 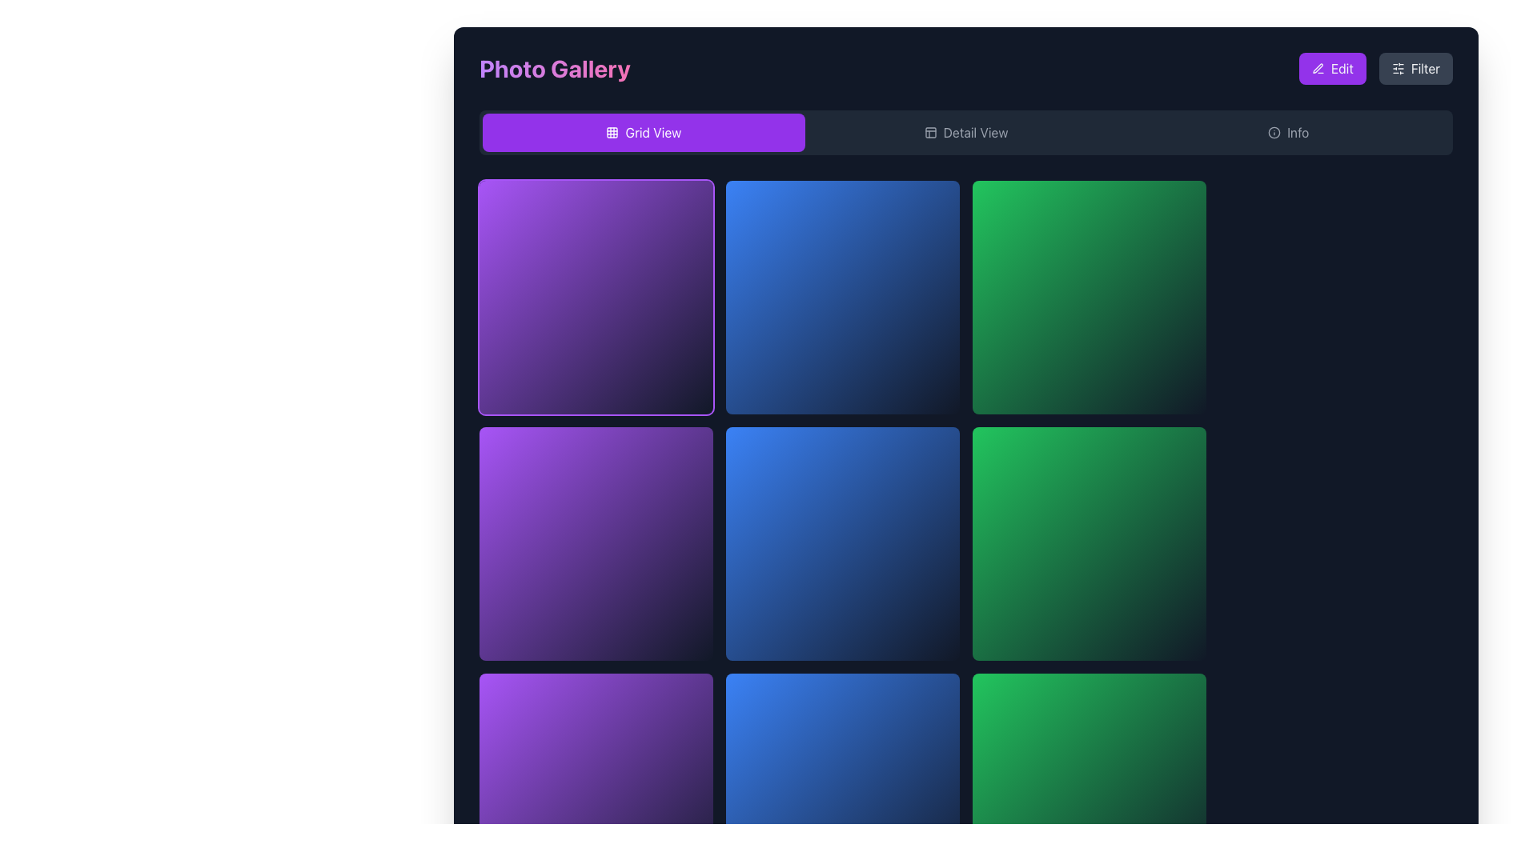 I want to click on the purple 'Edit' button with a pen icon located at the top right of the interface, so click(x=1318, y=67).